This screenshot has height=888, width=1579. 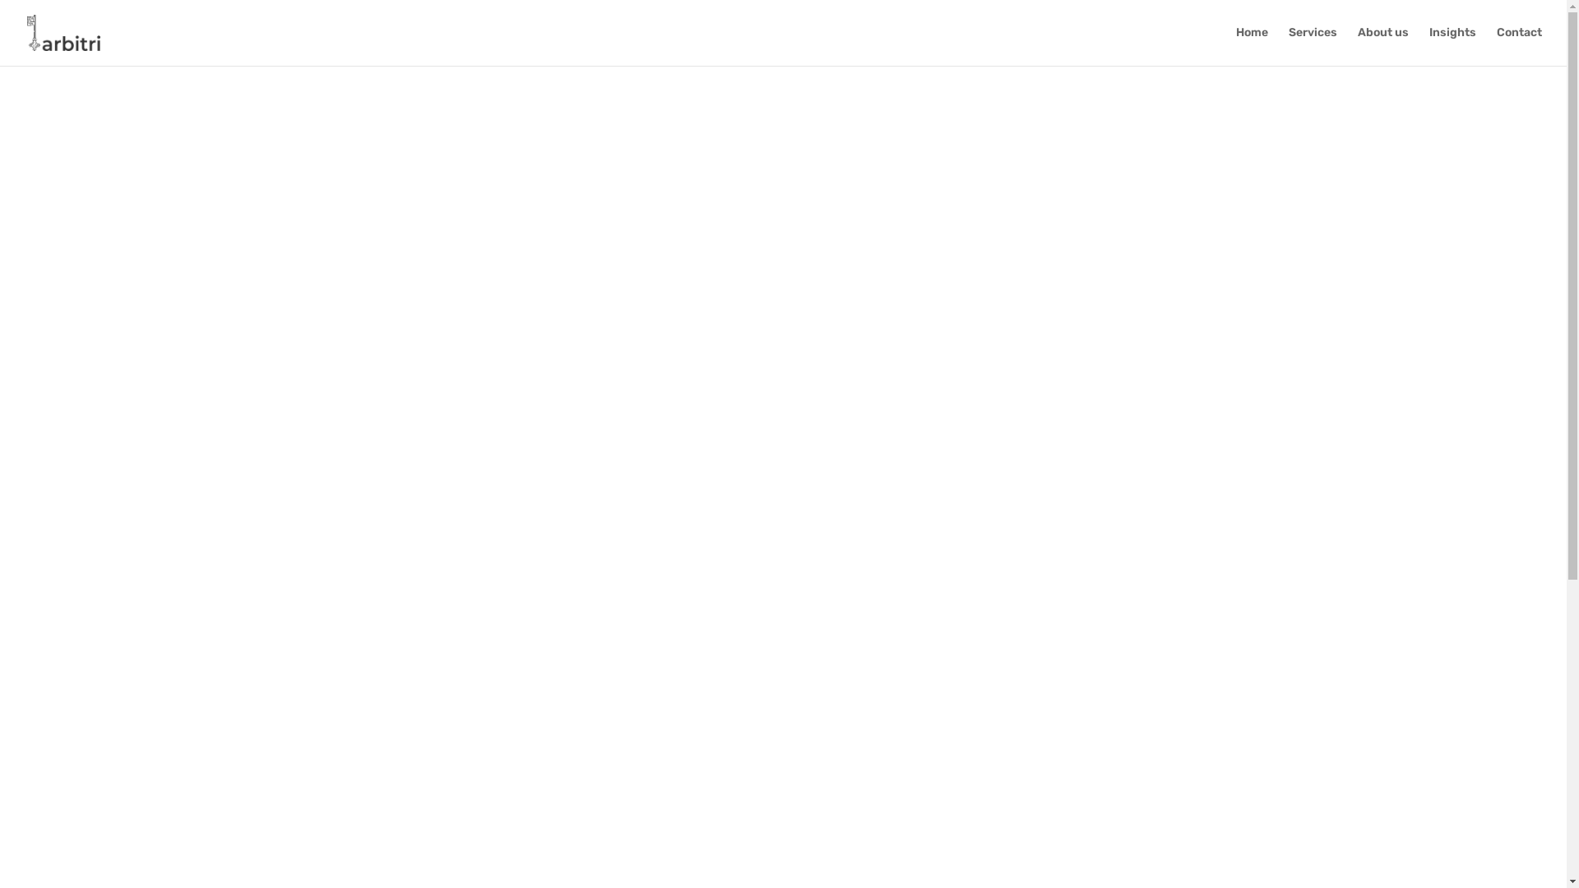 I want to click on 'Home', so click(x=1235, y=45).